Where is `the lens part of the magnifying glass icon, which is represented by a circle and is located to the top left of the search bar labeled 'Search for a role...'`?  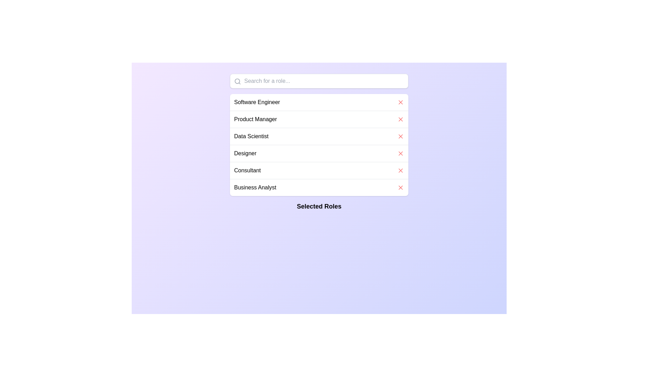
the lens part of the magnifying glass icon, which is represented by a circle and is located to the top left of the search bar labeled 'Search for a role...' is located at coordinates (237, 81).